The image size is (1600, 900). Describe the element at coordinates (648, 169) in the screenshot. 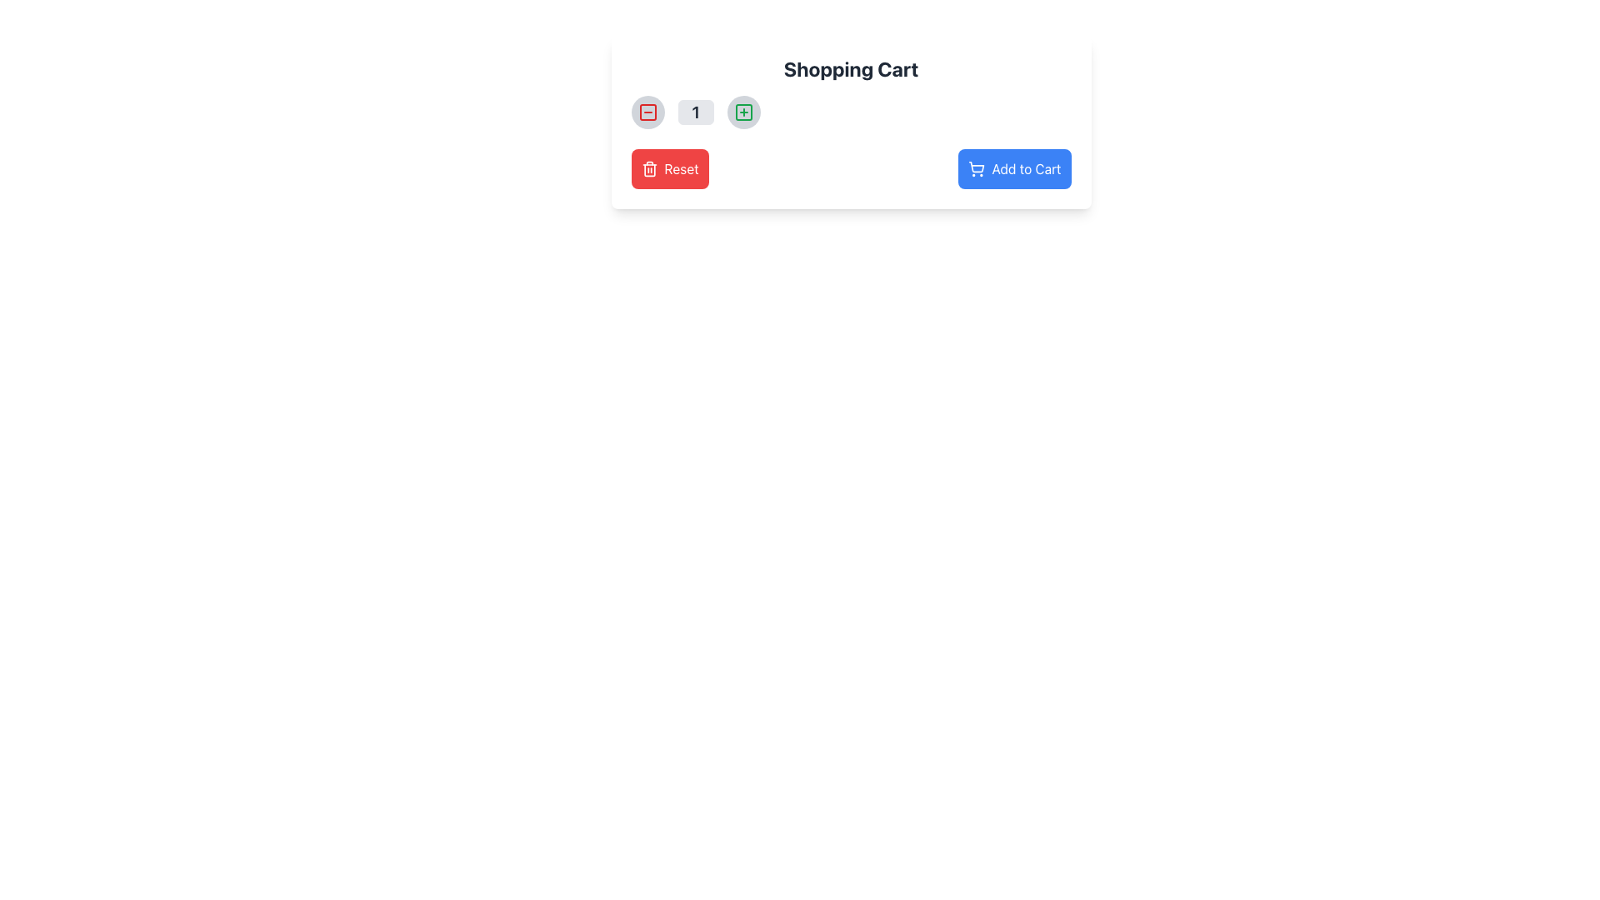

I see `the trash can icon located inside the 'Reset' button at the bottom-left corner of the 'Shopping Cart' card` at that location.